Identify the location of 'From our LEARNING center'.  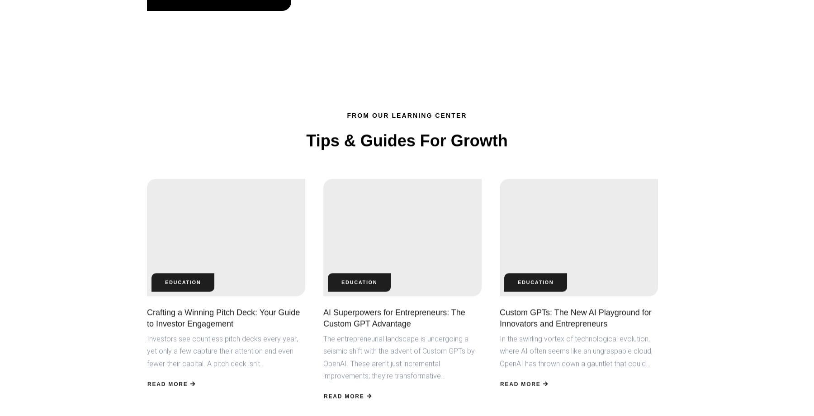
(407, 115).